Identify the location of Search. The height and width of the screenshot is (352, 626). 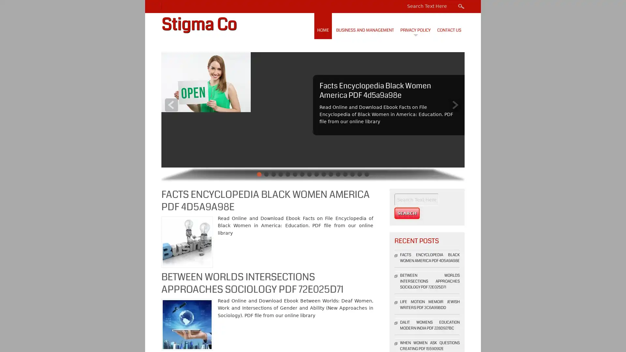
(407, 213).